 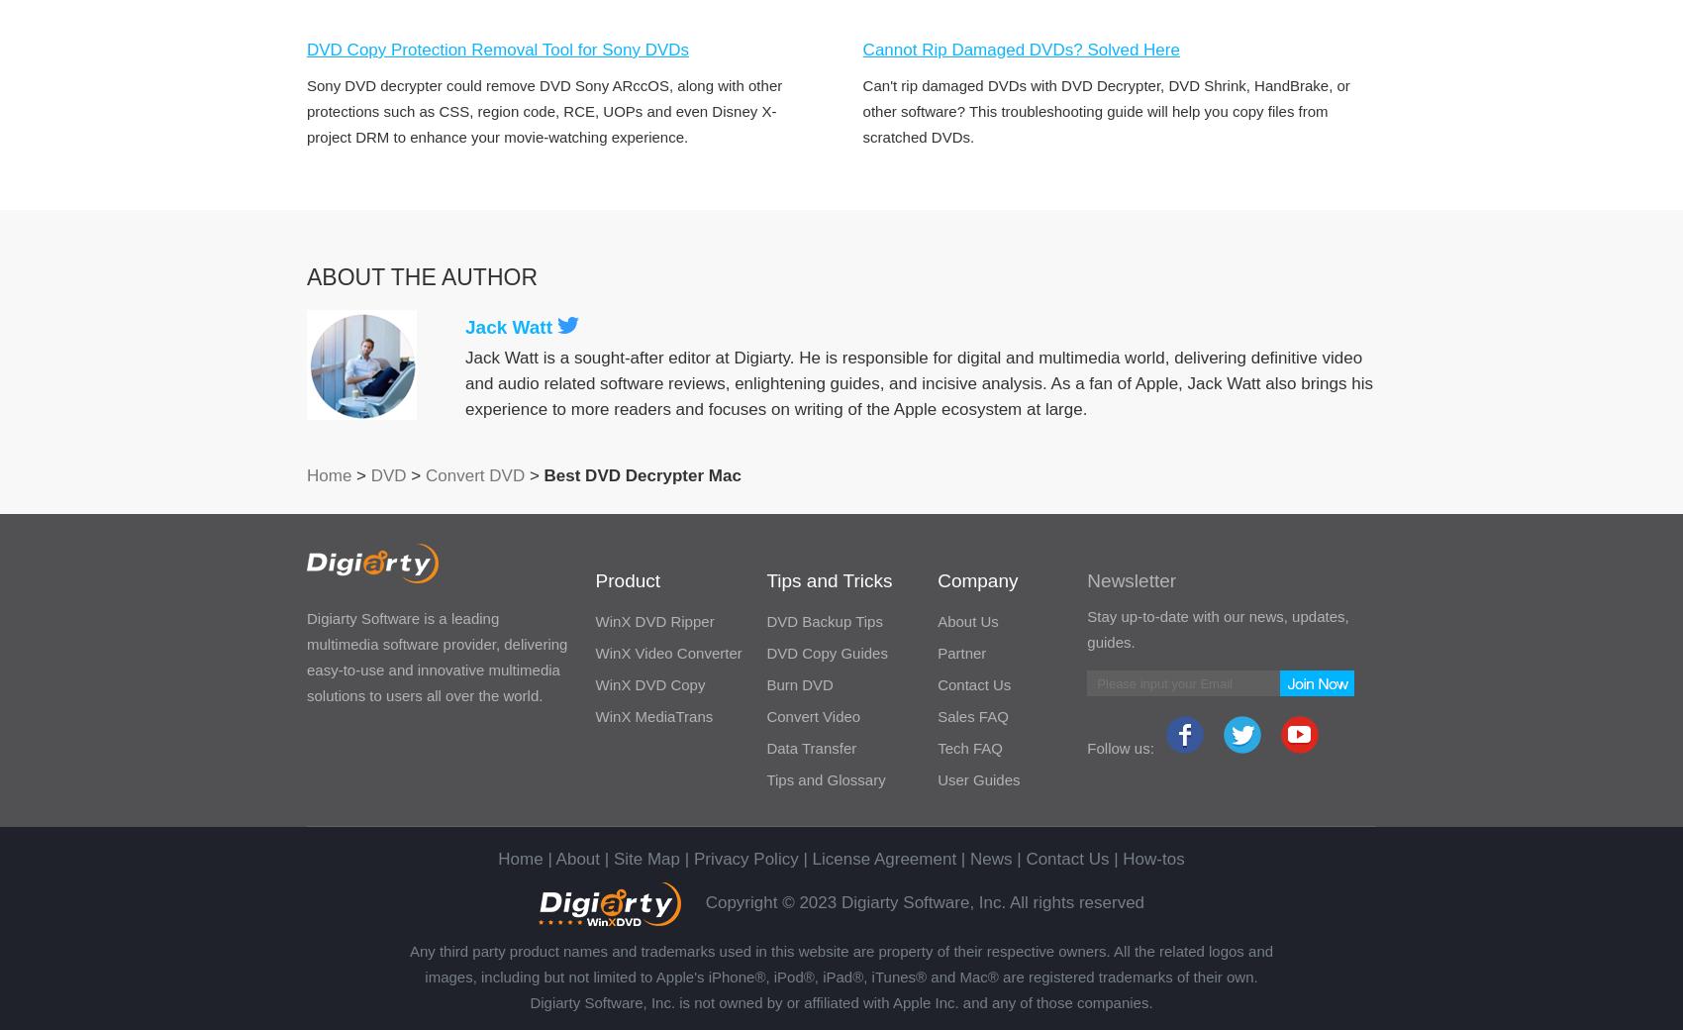 I want to click on 'Tips and Tricks', so click(x=765, y=579).